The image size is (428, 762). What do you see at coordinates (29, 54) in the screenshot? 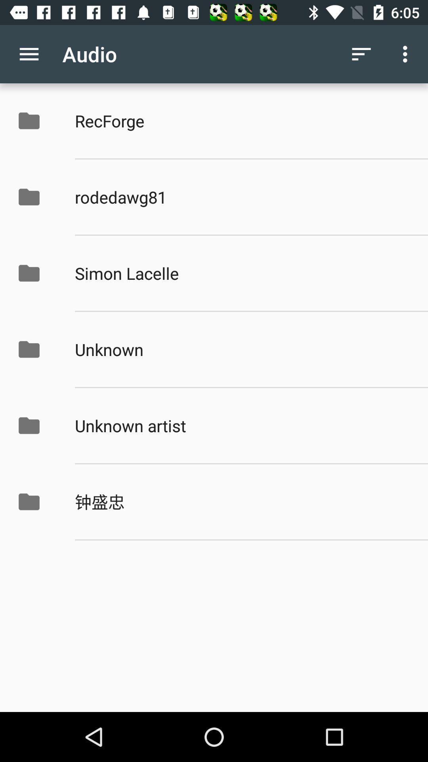
I see `item next to the audio icon` at bounding box center [29, 54].